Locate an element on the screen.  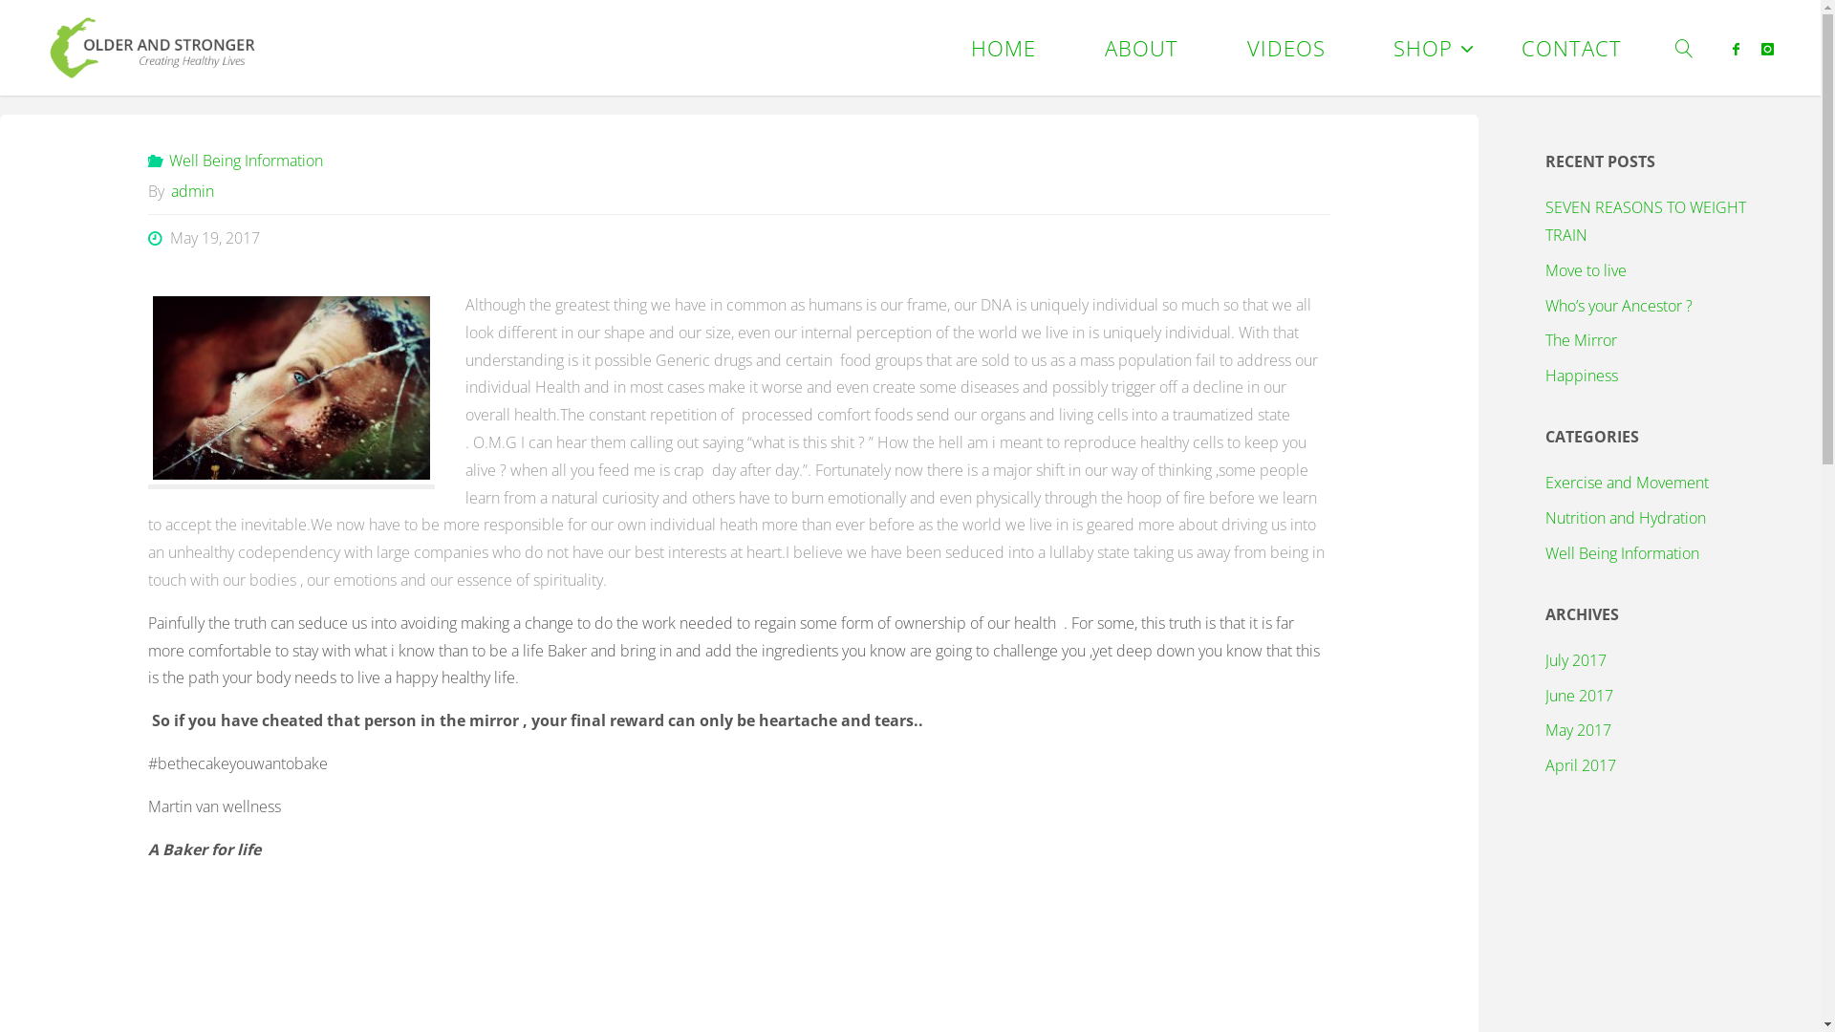
'Exercise and Movement' is located at coordinates (1626, 482).